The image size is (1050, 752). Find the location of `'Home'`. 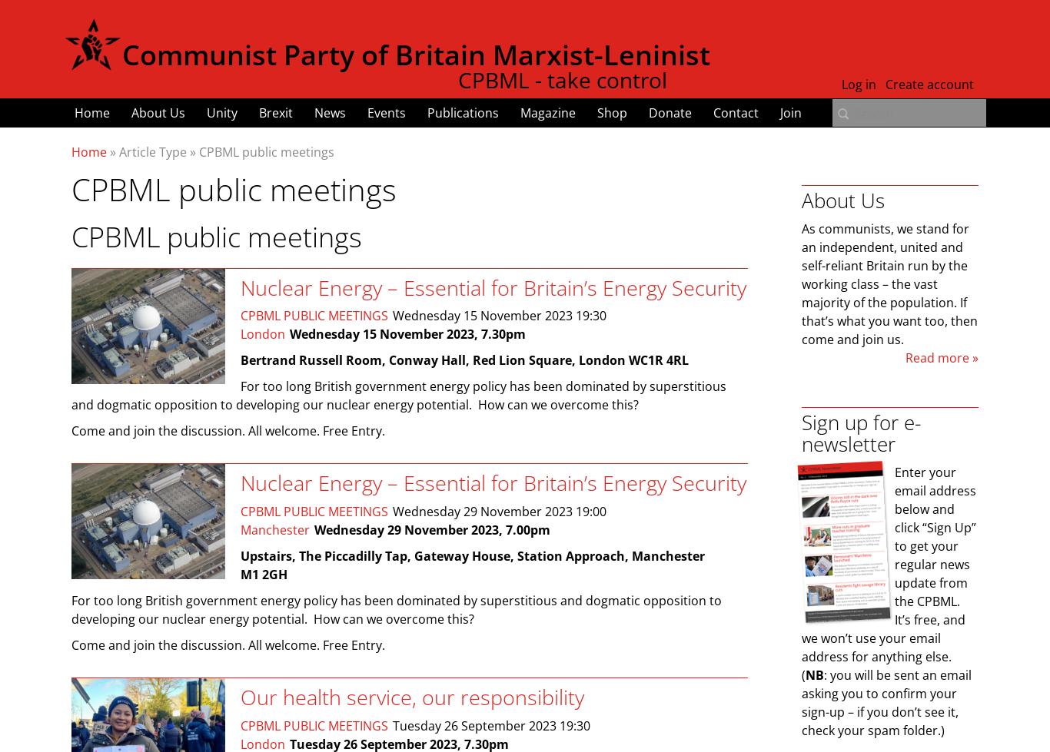

'Home' is located at coordinates (91, 113).